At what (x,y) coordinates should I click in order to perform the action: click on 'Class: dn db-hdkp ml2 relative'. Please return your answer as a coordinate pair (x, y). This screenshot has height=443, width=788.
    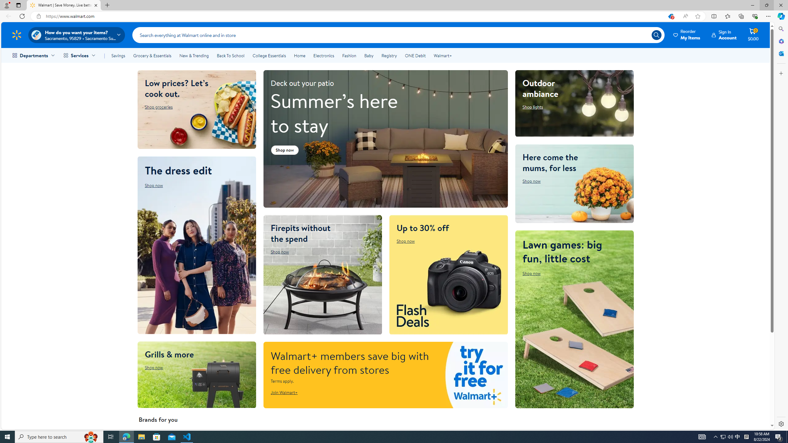
    Looking at the image, I should click on (724, 34).